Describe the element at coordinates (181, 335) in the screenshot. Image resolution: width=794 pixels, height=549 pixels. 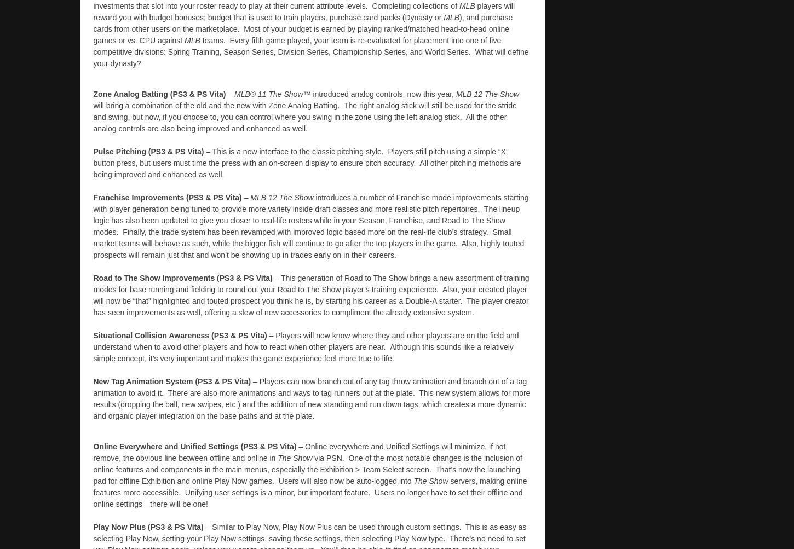
I see `'Situational Collision Awareness (PS3 & PS Vita)'` at that location.